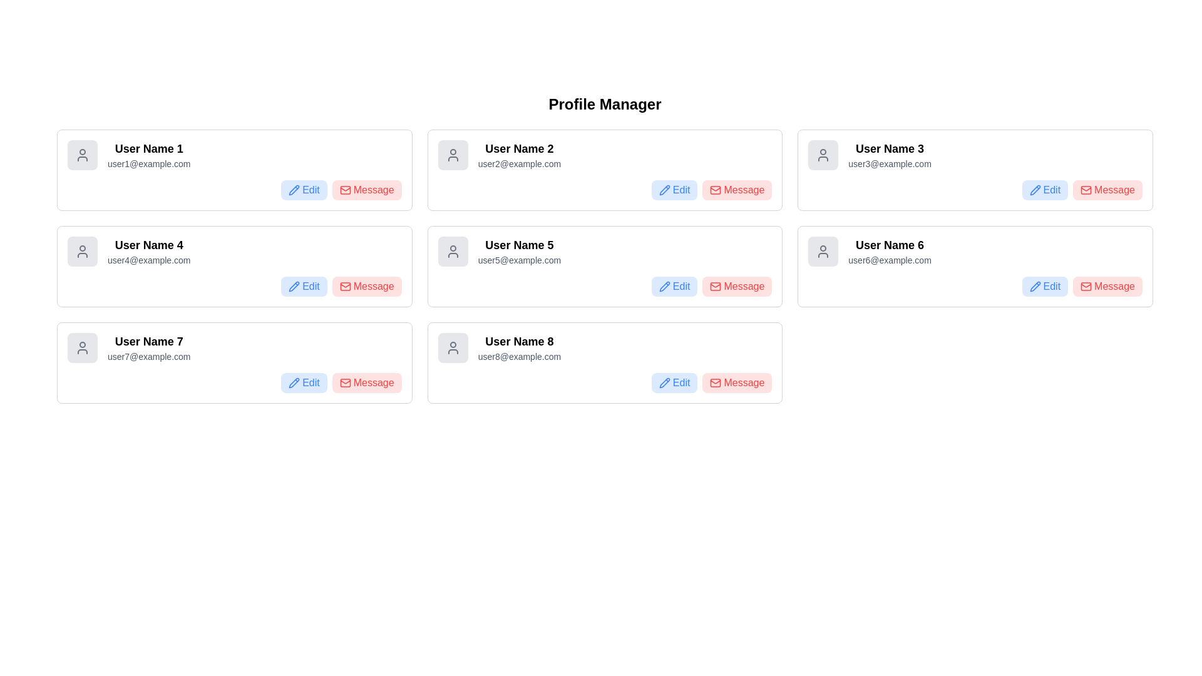 The image size is (1202, 676). What do you see at coordinates (519, 245) in the screenshot?
I see `the text label displaying 'User Name 5', which is prominently styled in bold and positioned above 'user5@example.com' within the central user card in the bottom row` at bounding box center [519, 245].